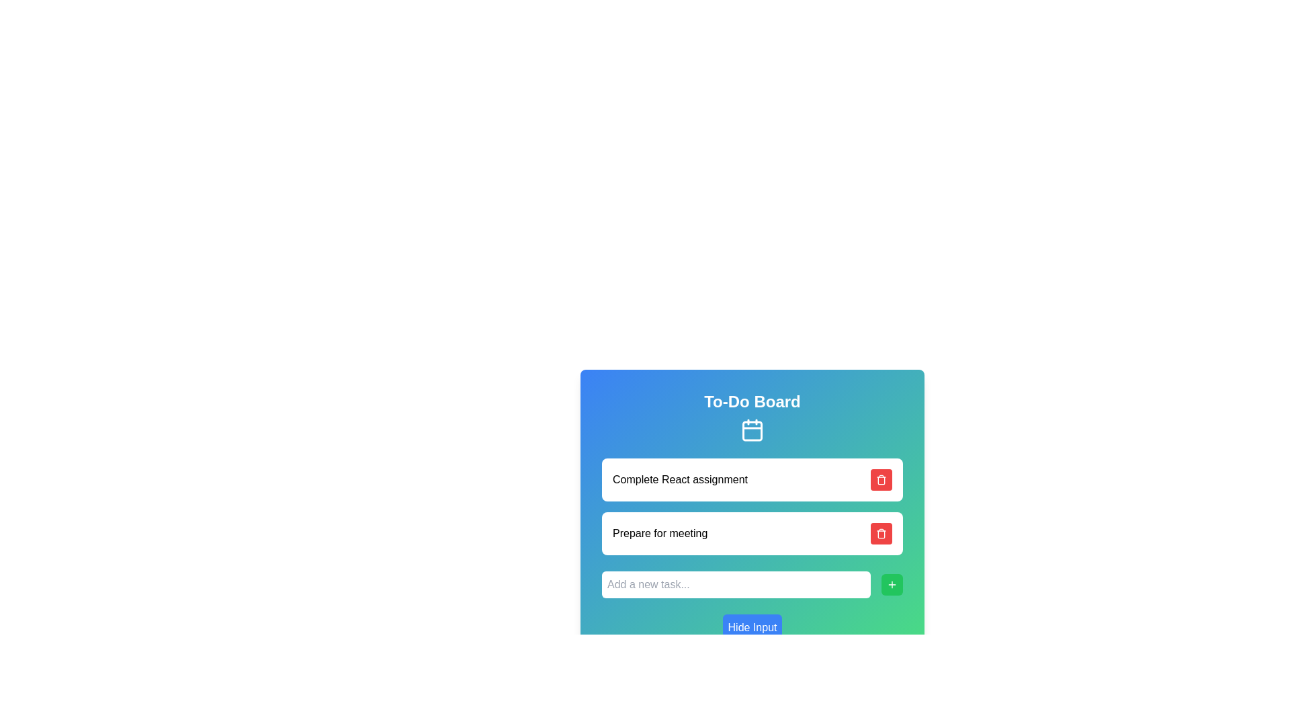 The width and height of the screenshot is (1290, 726). I want to click on the trash icon button associated with the second task labeled 'Prepare for meeting' in the to-do list, so click(881, 533).